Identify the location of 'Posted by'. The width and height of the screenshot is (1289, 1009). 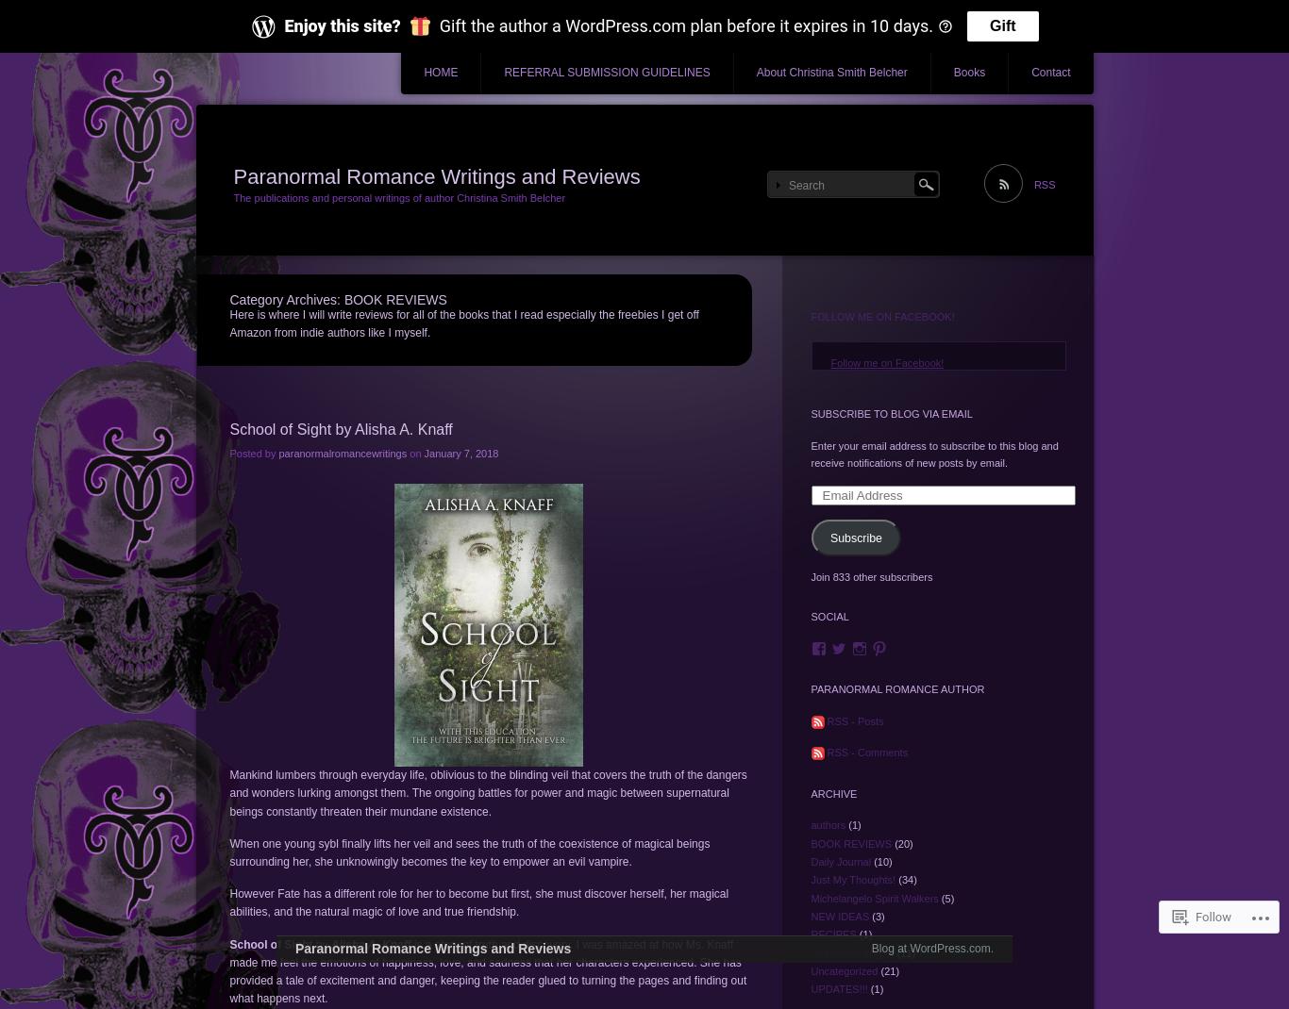
(253, 453).